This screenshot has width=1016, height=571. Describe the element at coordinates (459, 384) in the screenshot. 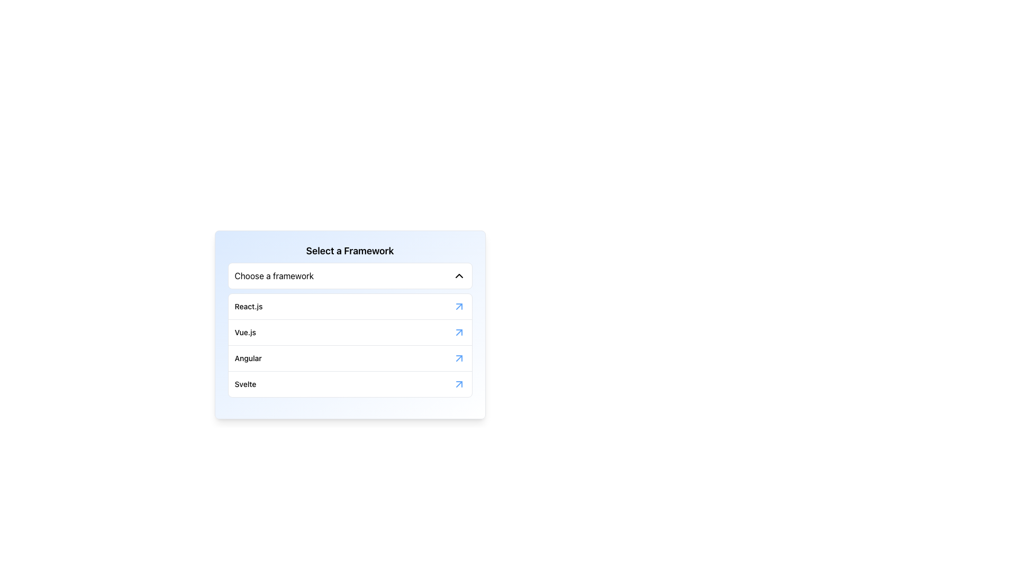

I see `the blue arrow icon pointing upwards and to the right, located in the 'Svelte' row under 'Select a Framework'` at that location.